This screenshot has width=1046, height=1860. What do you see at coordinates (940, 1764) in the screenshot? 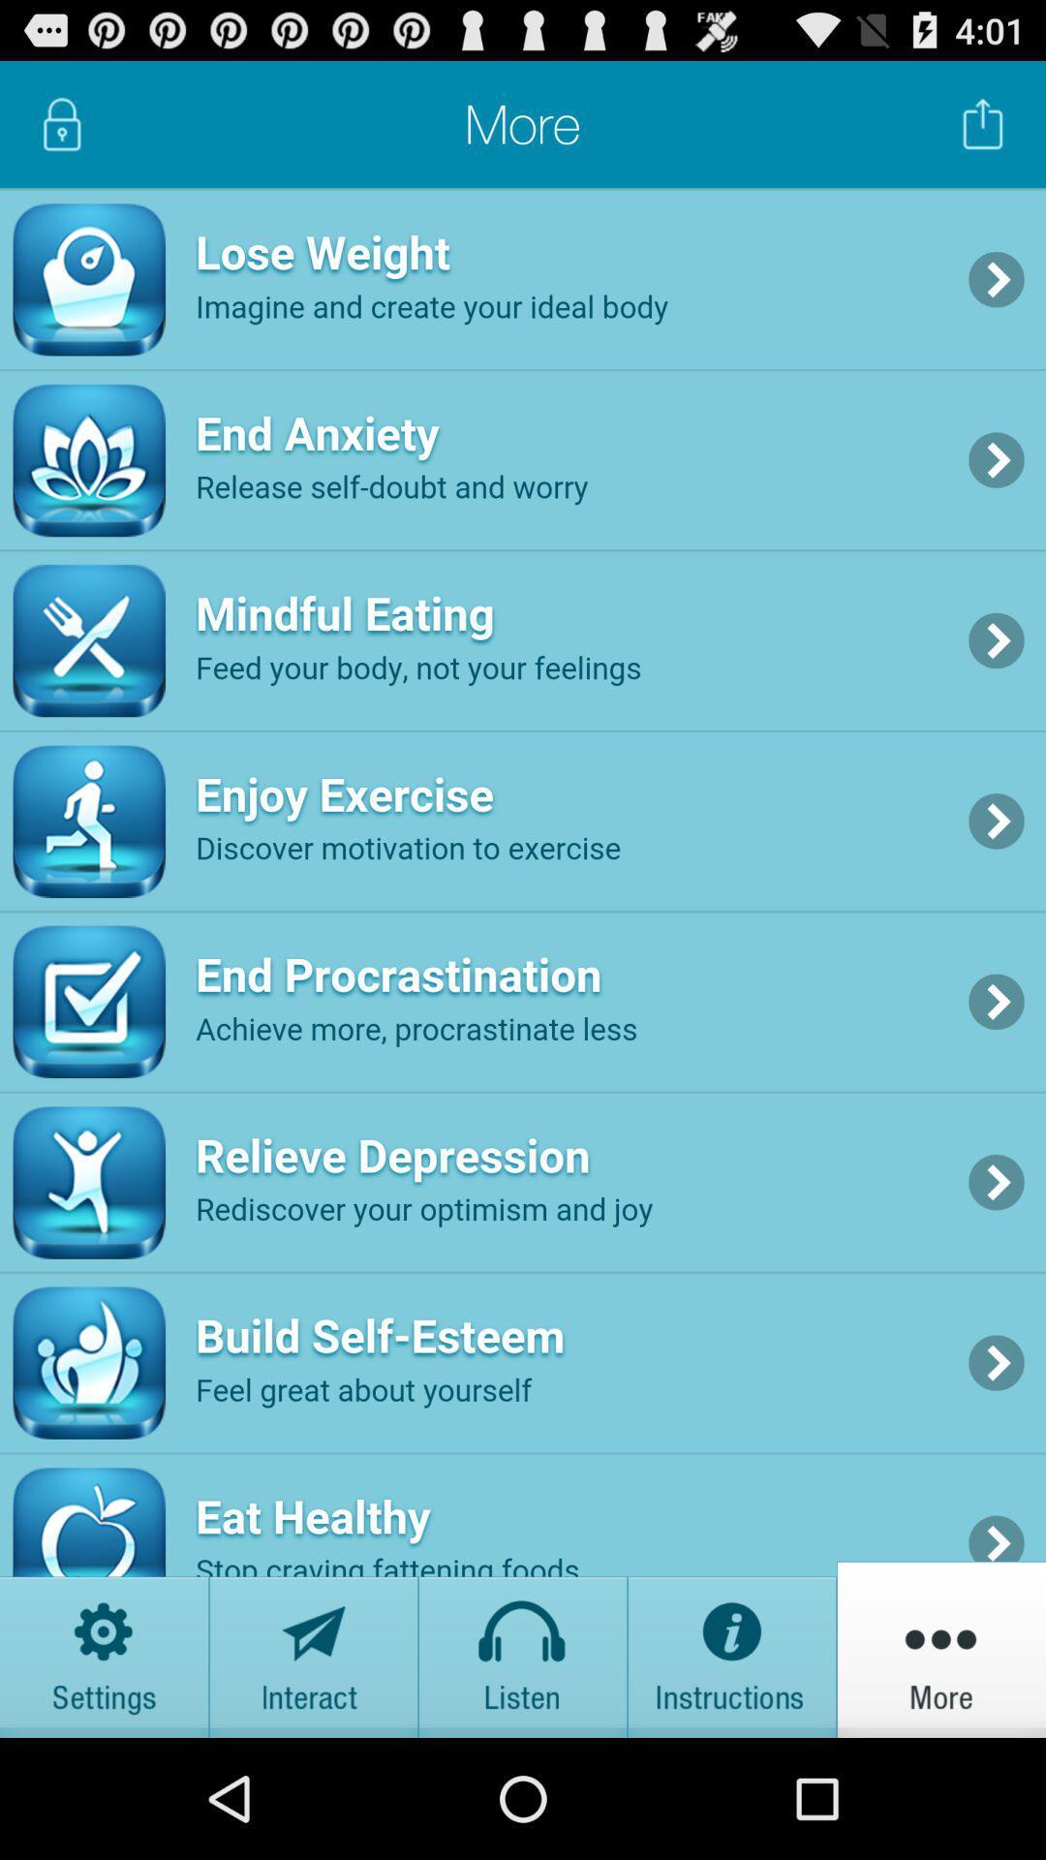
I see `the more icon` at bounding box center [940, 1764].